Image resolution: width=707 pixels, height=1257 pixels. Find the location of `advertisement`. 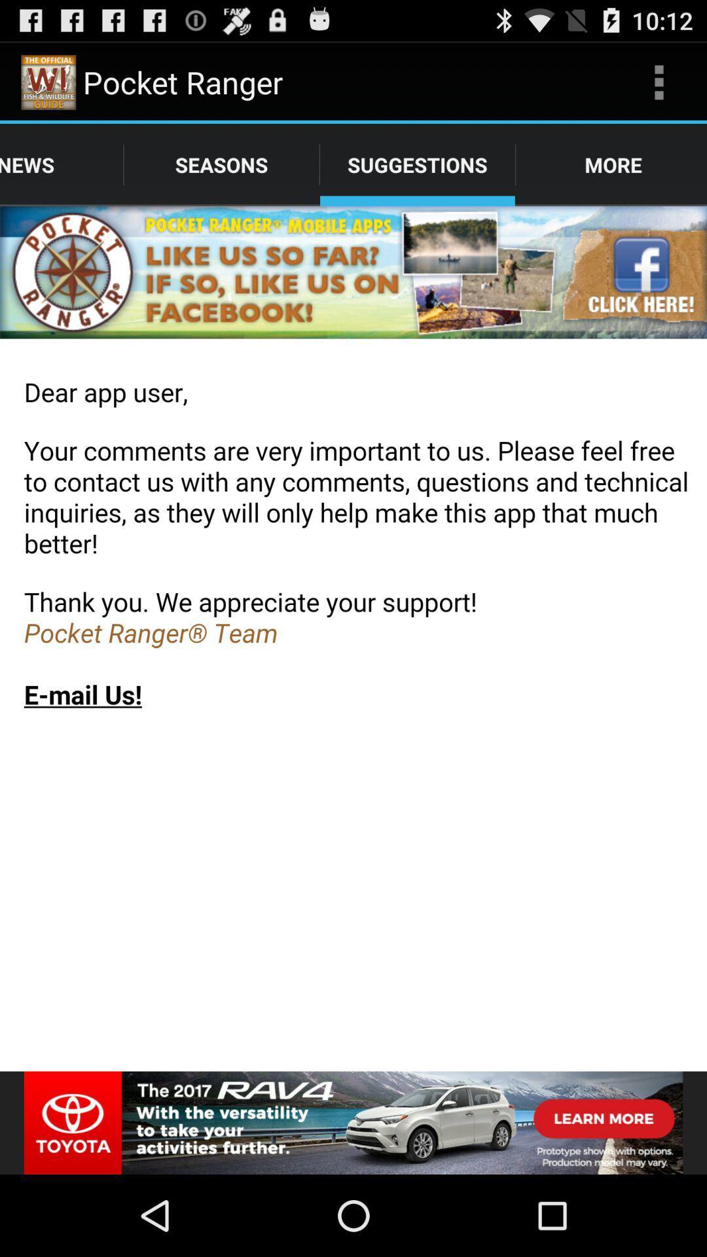

advertisement is located at coordinates (353, 1122).